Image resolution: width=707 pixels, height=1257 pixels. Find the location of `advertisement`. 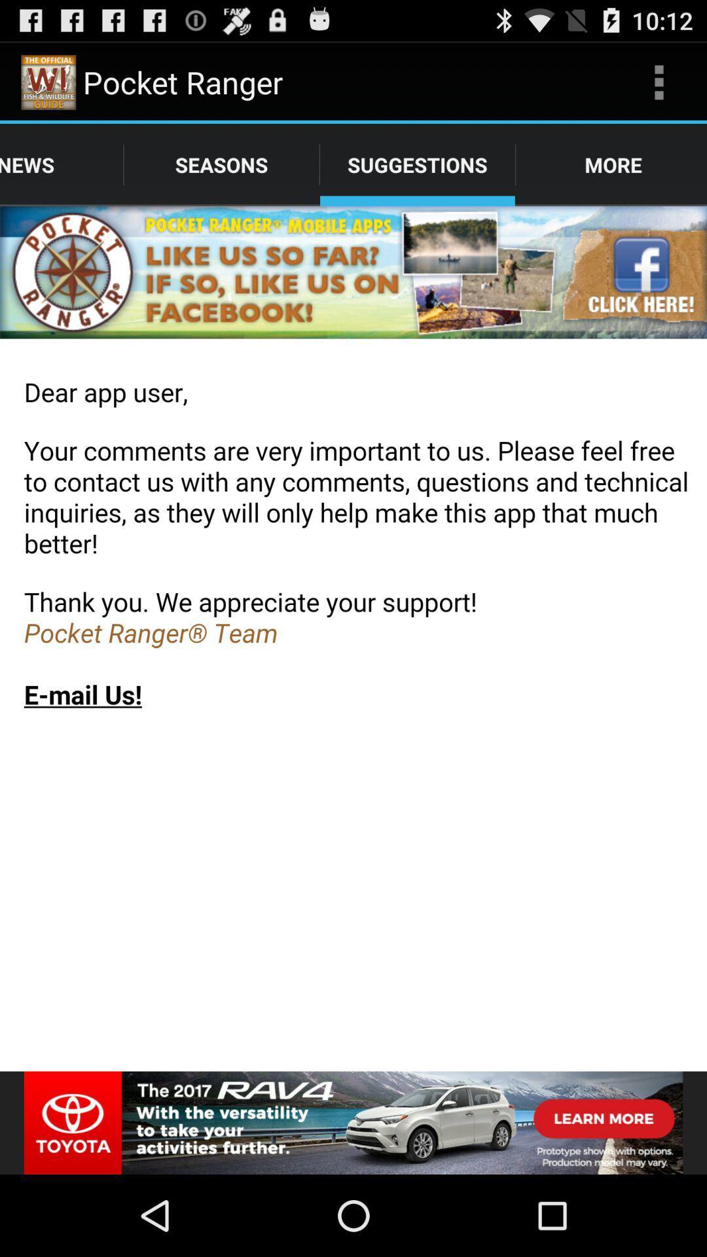

advertisement is located at coordinates (353, 1122).